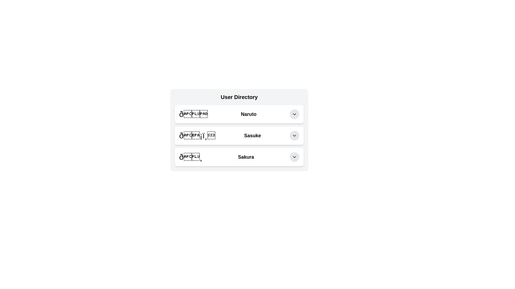 The width and height of the screenshot is (515, 289). I want to click on the chevron arrow icon located within the rounded light gray button at the right end of the 'Naruto' row to potentially receive visual feedback, so click(294, 114).